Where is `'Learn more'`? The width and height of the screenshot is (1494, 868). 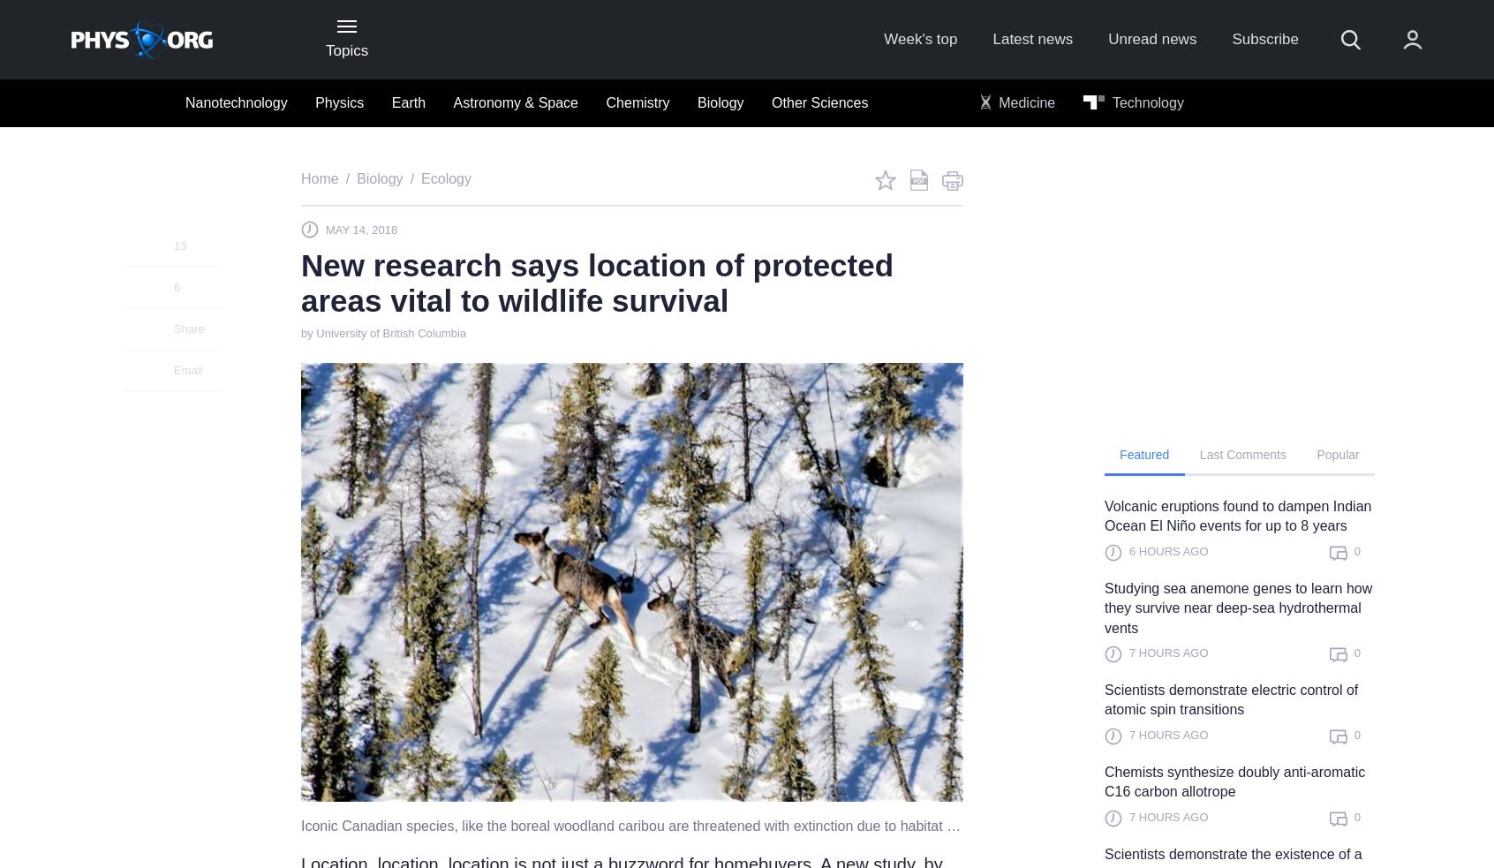
'Learn more' is located at coordinates (1207, 450).